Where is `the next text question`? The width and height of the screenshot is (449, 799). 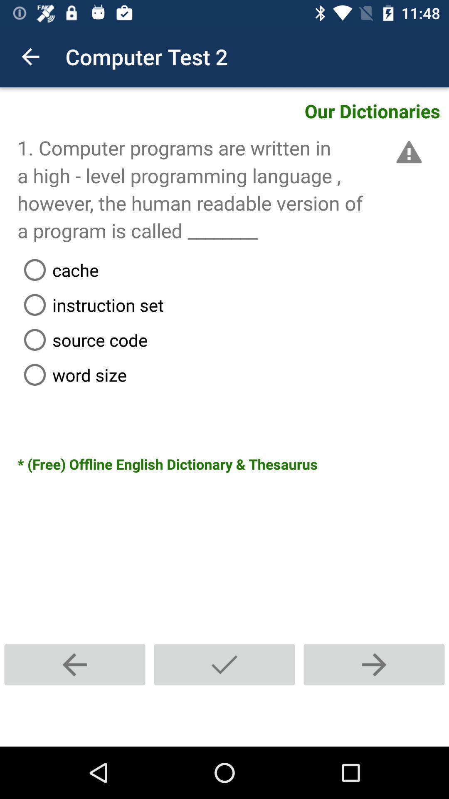
the next text question is located at coordinates (373, 664).